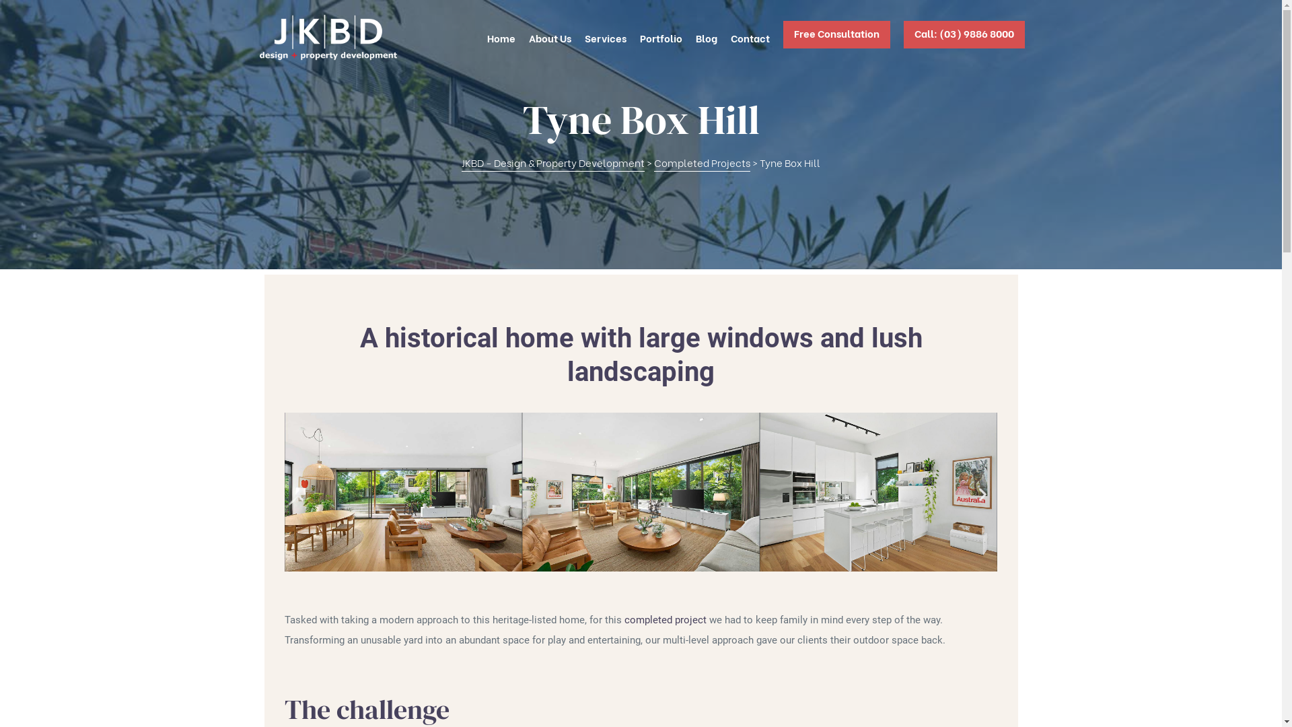 The width and height of the screenshot is (1292, 727). What do you see at coordinates (701, 162) in the screenshot?
I see `'Completed Projects'` at bounding box center [701, 162].